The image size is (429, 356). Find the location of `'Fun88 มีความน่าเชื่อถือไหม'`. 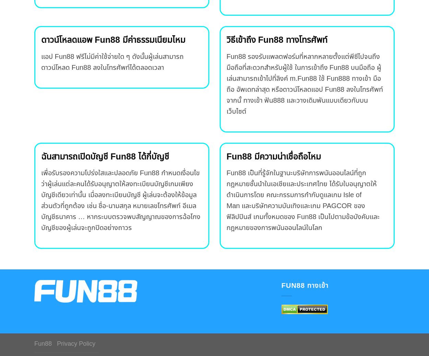

'Fun88 มีความน่าเชื่อถือไหม' is located at coordinates (273, 156).